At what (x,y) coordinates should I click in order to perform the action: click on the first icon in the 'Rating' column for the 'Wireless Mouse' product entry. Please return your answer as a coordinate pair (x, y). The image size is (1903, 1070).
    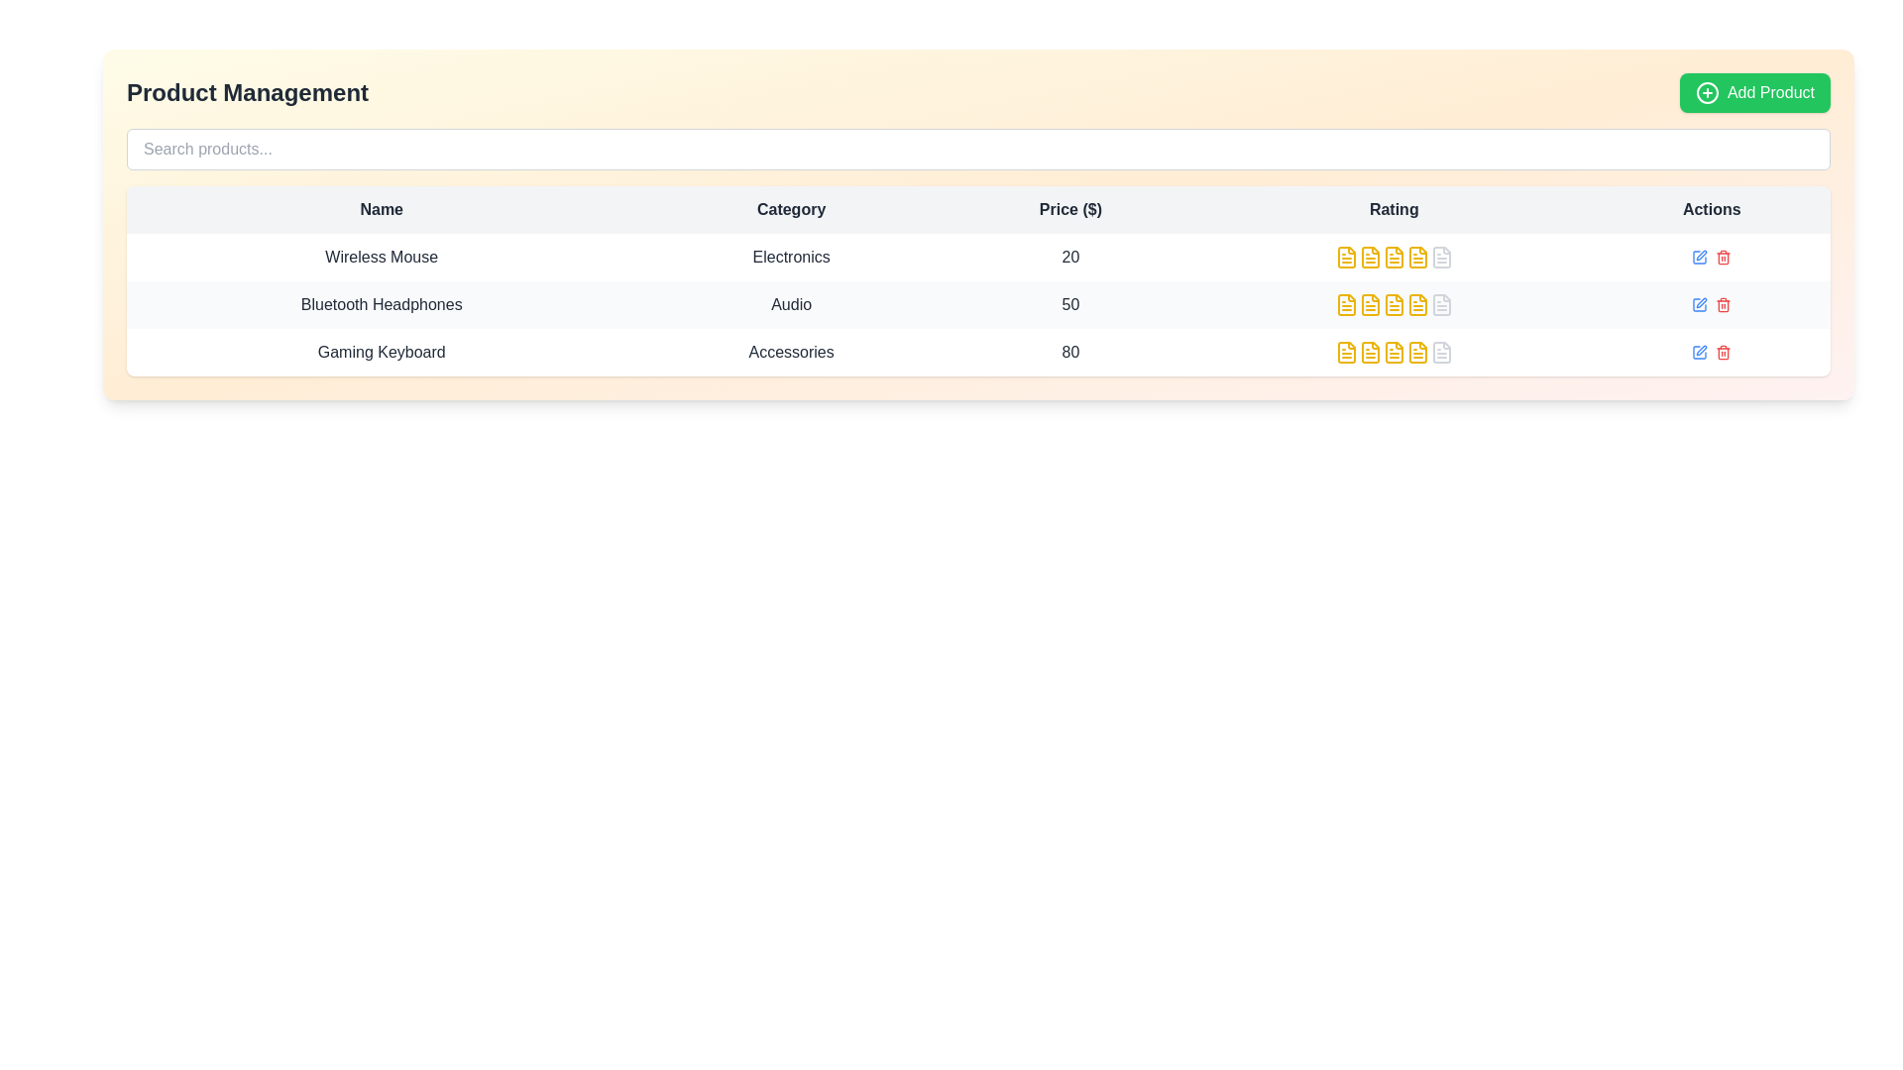
    Looking at the image, I should click on (1346, 256).